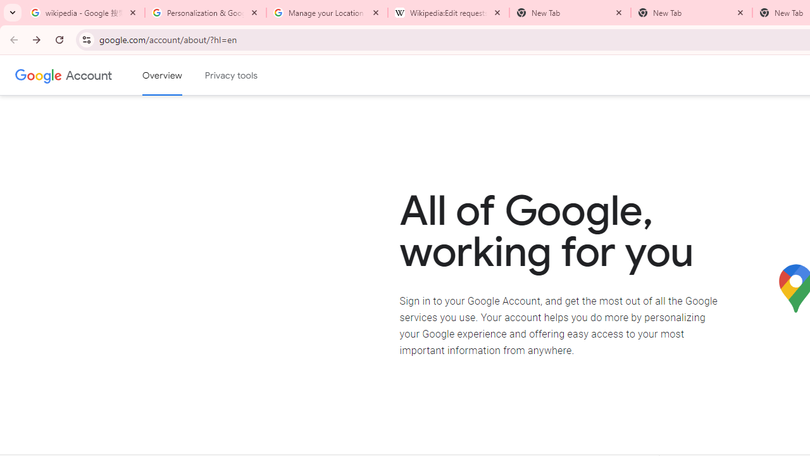 The image size is (810, 456). What do you see at coordinates (206, 13) in the screenshot?
I see `'Personalization & Google Search results - Google Search Help'` at bounding box center [206, 13].